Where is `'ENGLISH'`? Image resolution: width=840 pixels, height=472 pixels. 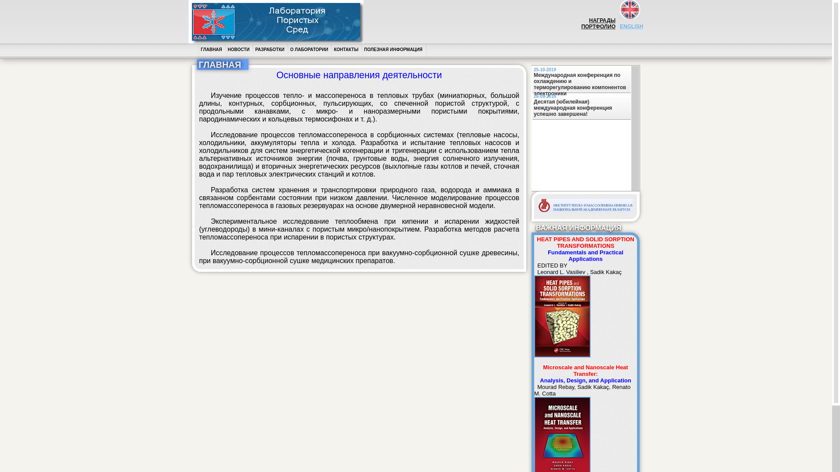
'ENGLISH' is located at coordinates (631, 29).